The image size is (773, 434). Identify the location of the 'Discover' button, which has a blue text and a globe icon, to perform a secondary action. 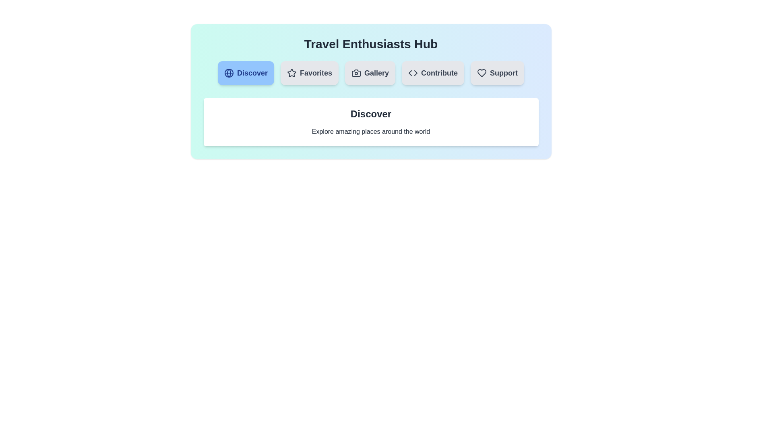
(245, 73).